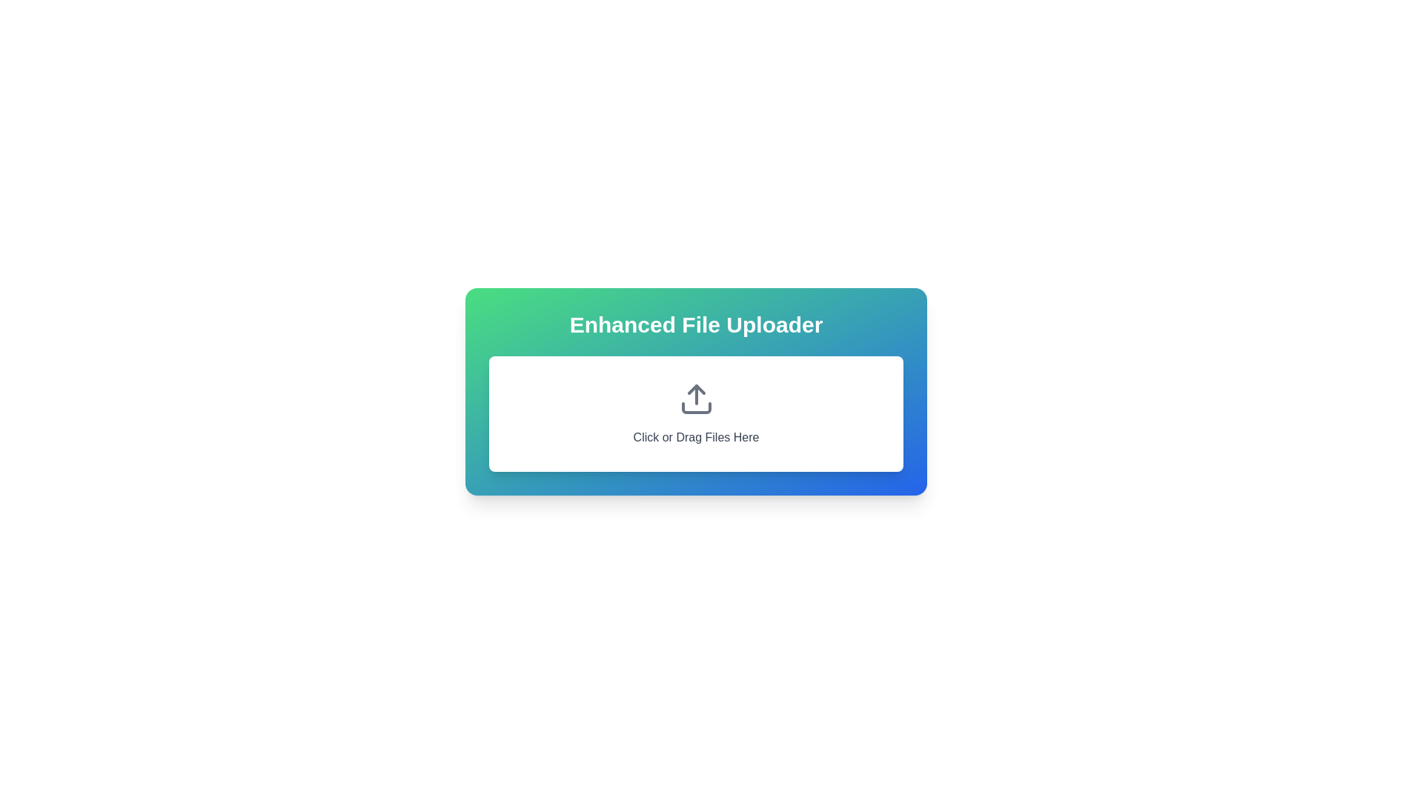 This screenshot has width=1423, height=800. Describe the element at coordinates (695, 408) in the screenshot. I see `the base rectangle of the upload icon, which is part of the SVG structure indicating a file upload action` at that location.